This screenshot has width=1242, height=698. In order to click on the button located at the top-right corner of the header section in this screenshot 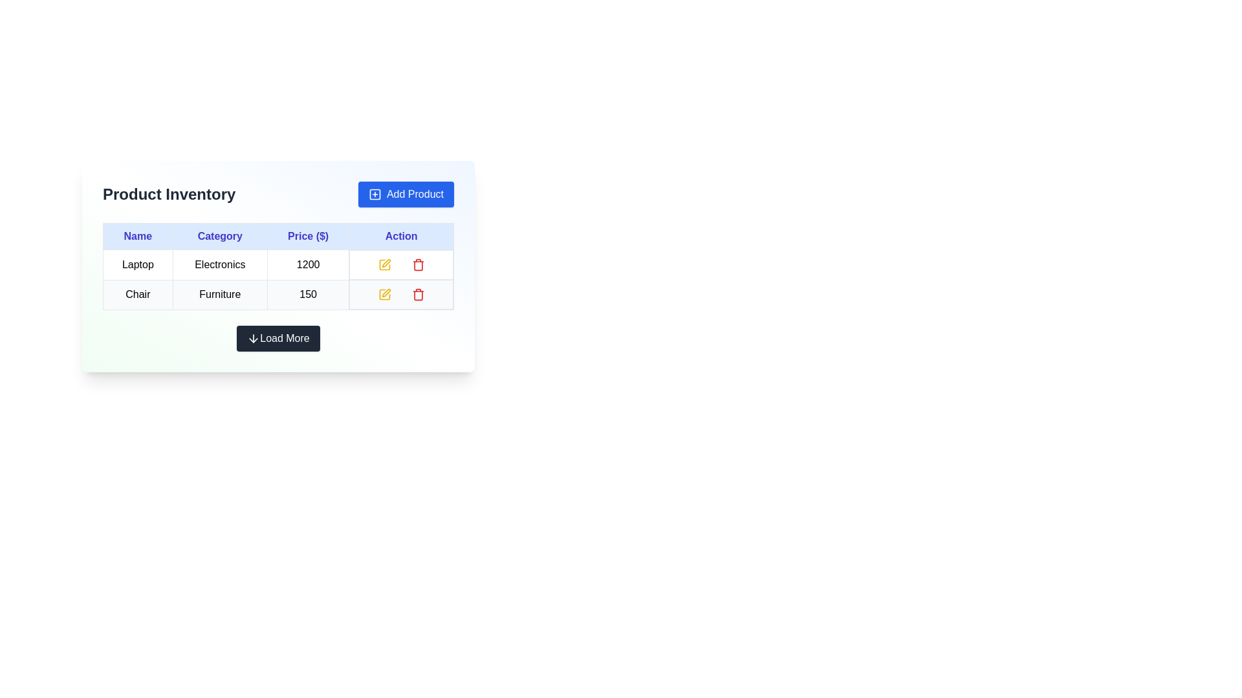, I will do `click(406, 194)`.